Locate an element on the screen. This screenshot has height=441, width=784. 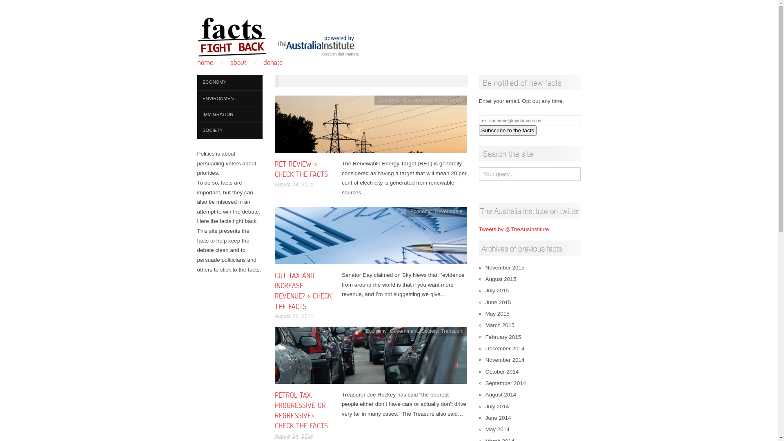
'2014' is located at coordinates (306, 80).